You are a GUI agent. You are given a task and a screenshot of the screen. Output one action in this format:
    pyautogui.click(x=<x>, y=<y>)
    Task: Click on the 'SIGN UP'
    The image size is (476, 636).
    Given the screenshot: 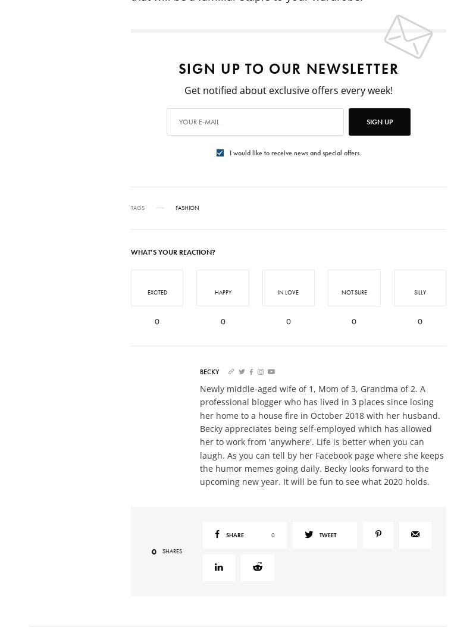 What is the action you would take?
    pyautogui.click(x=379, y=121)
    